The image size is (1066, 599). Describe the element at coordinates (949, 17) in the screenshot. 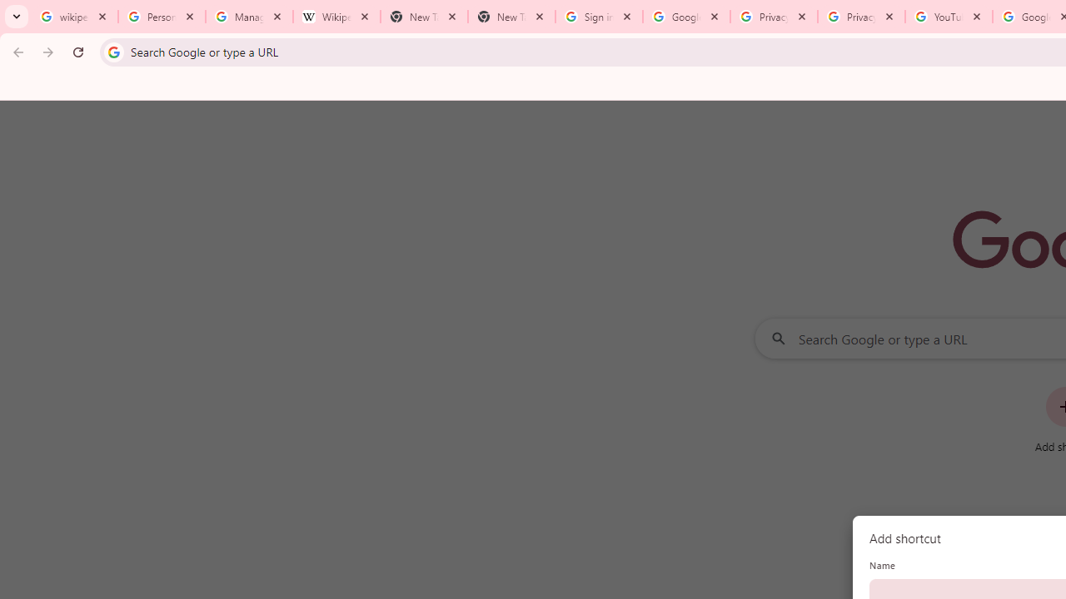

I see `'YouTube'` at that location.